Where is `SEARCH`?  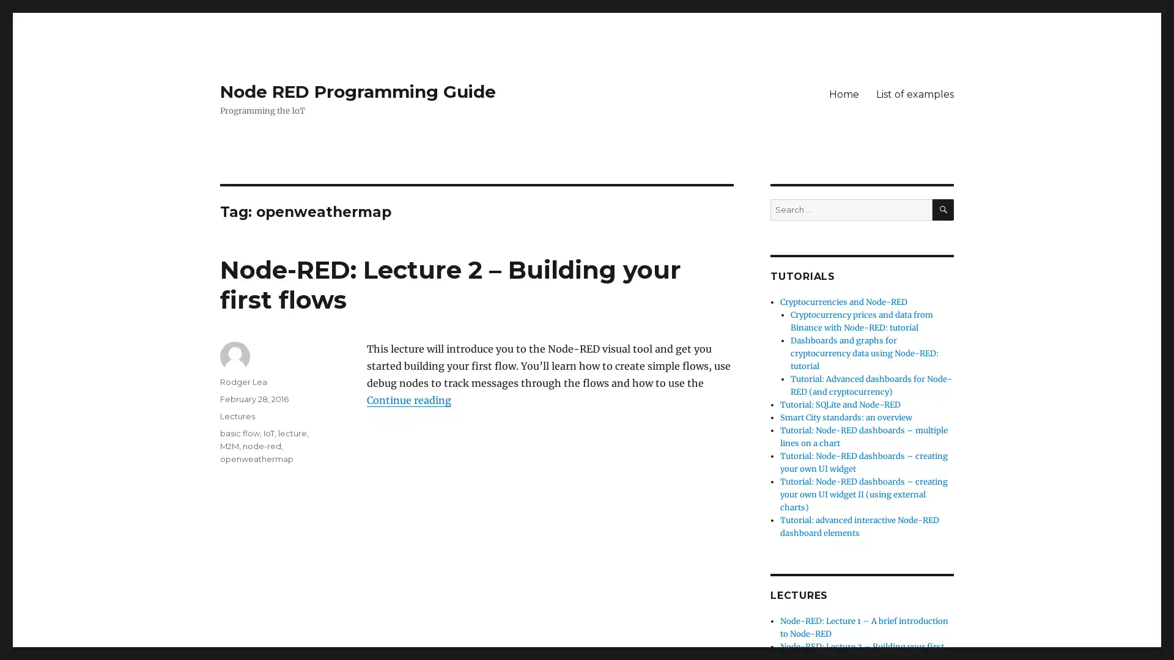 SEARCH is located at coordinates (942, 209).